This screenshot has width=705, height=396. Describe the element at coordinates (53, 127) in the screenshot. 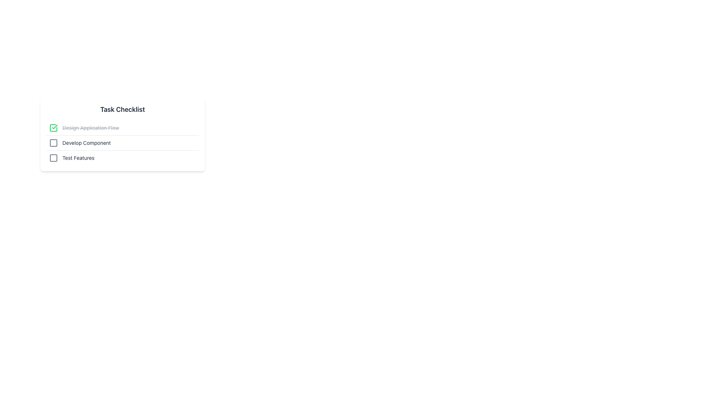

I see `the SVG graphical element representing the checkbox for the first task labeled 'Design Application Flow', which symbolizes task completion` at that location.